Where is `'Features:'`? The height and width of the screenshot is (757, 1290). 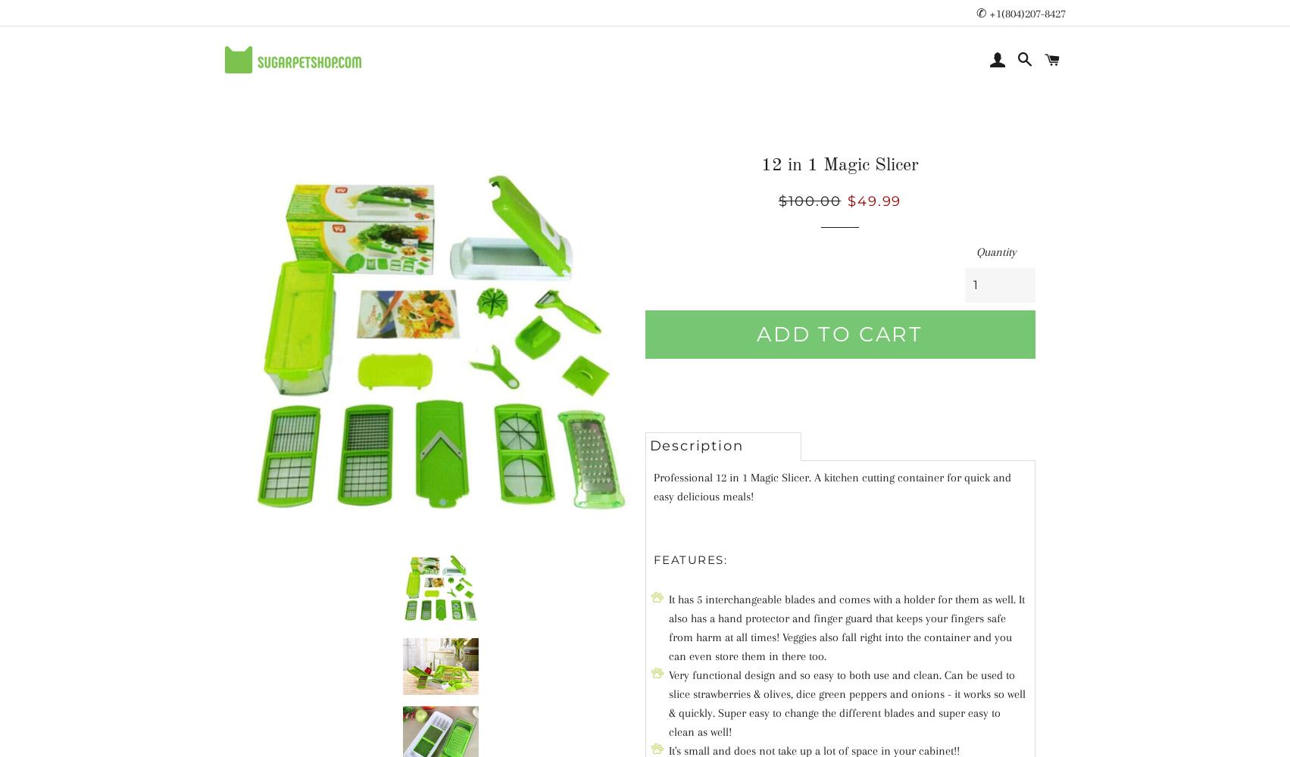
'Features:' is located at coordinates (689, 559).